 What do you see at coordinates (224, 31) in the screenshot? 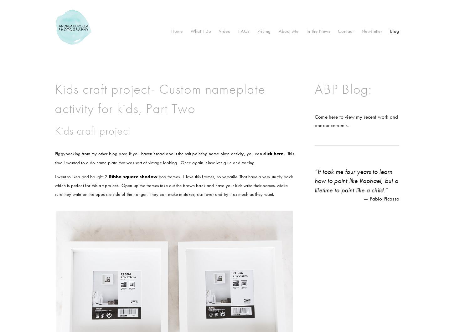
I see `'Video'` at bounding box center [224, 31].